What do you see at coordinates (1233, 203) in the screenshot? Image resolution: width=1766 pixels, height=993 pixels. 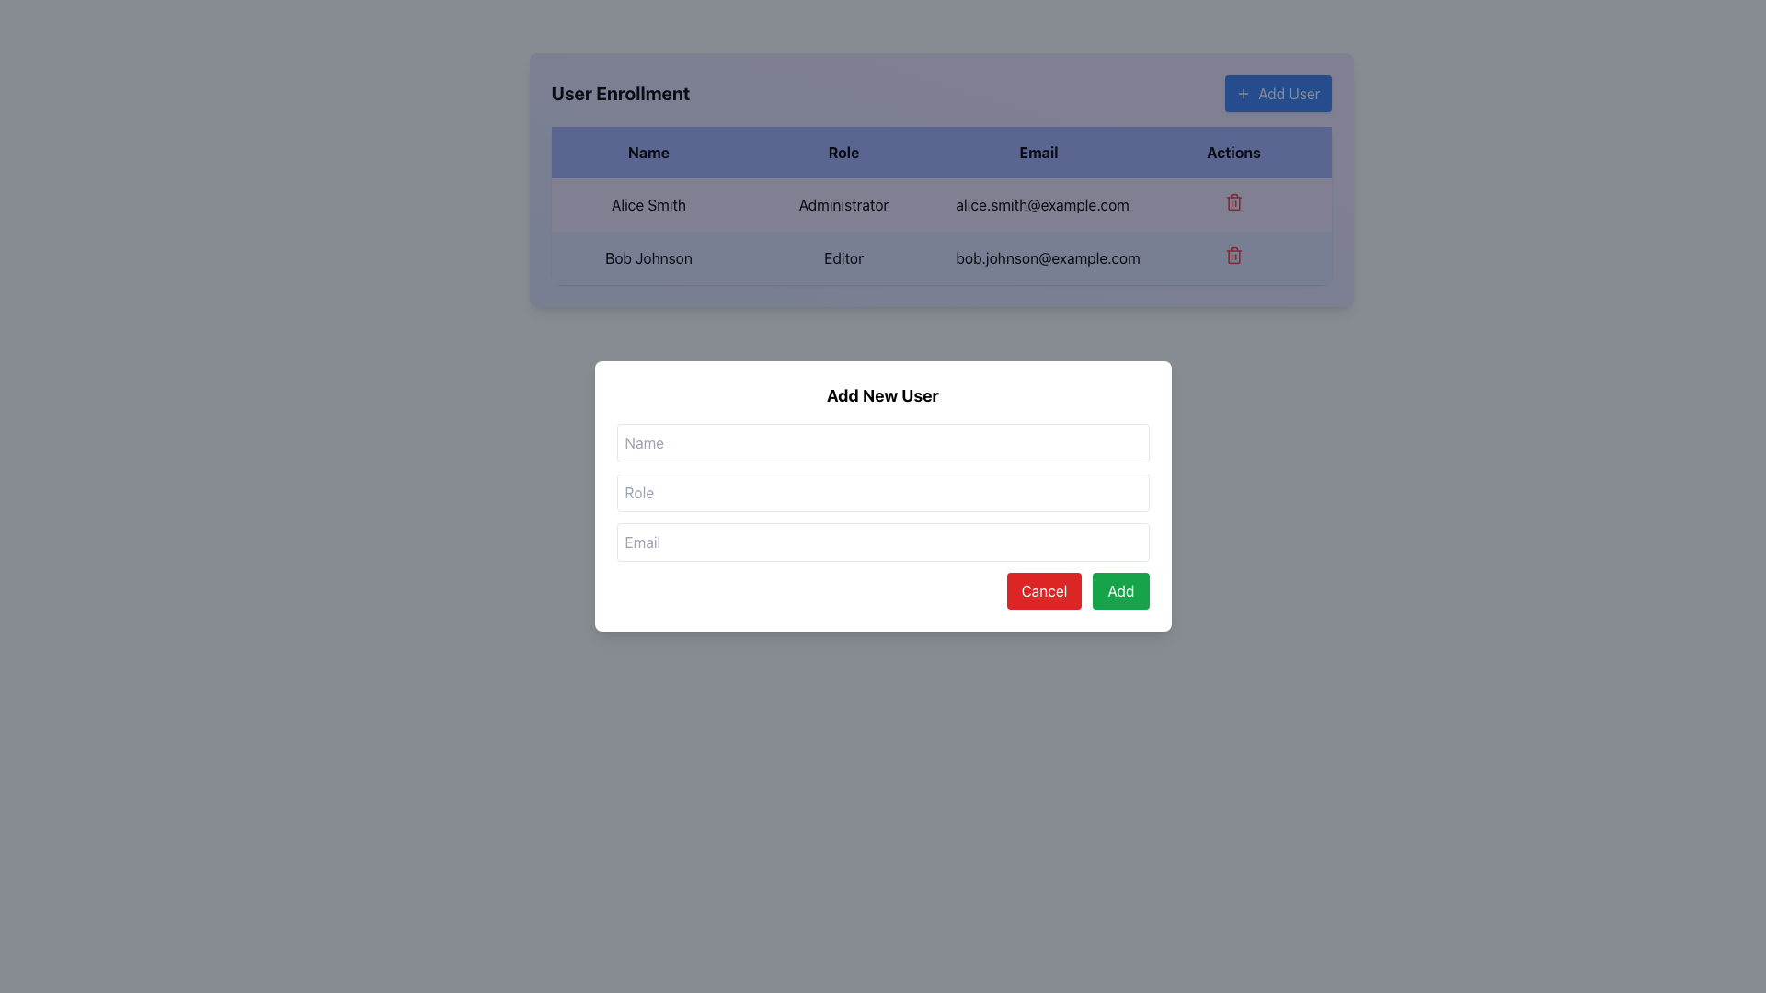 I see `the trash bin icon located in the 'Actions' column of the second row in the user table for keyboard navigation` at bounding box center [1233, 203].